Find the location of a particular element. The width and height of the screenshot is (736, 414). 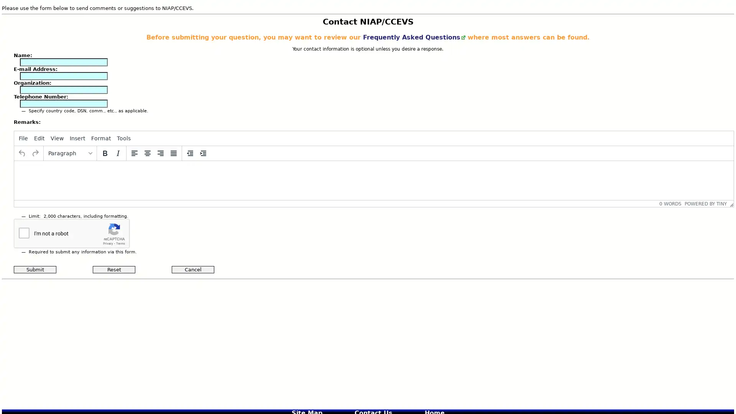

Decrease indent is located at coordinates (190, 153).